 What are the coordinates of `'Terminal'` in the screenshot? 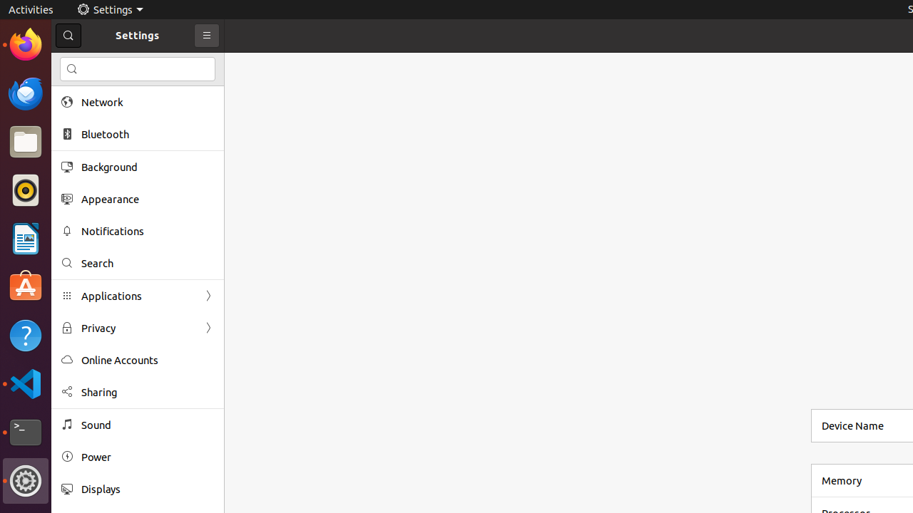 It's located at (25, 432).